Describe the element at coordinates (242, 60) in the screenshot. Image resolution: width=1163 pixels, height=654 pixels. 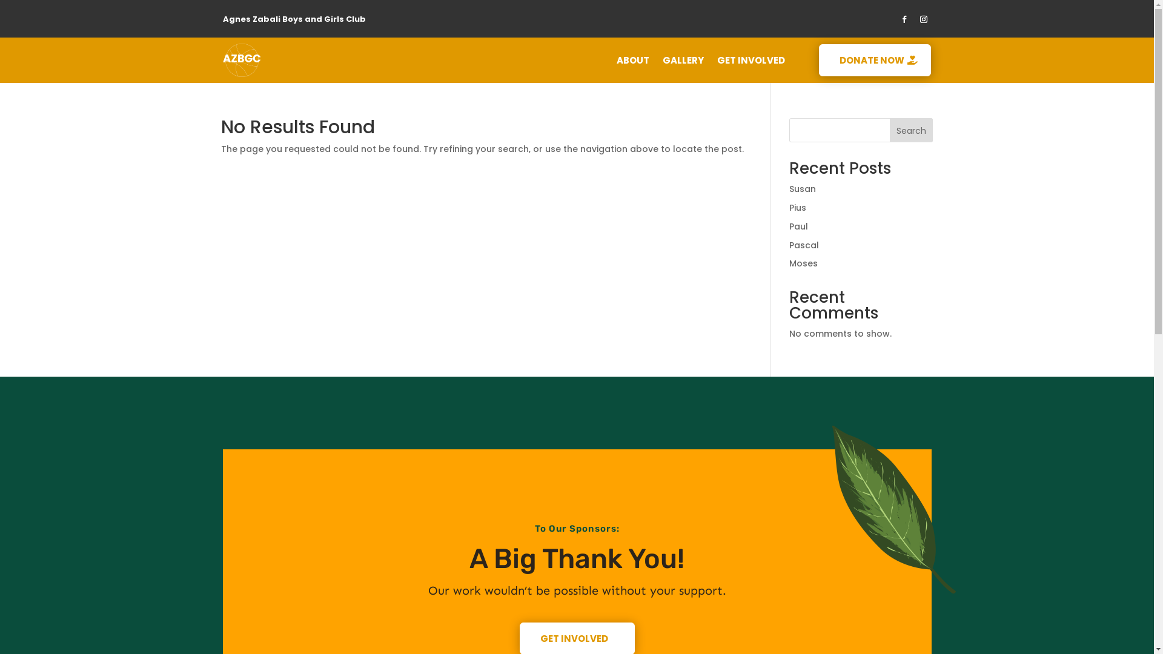
I see `'Logo Text Through Short'` at that location.